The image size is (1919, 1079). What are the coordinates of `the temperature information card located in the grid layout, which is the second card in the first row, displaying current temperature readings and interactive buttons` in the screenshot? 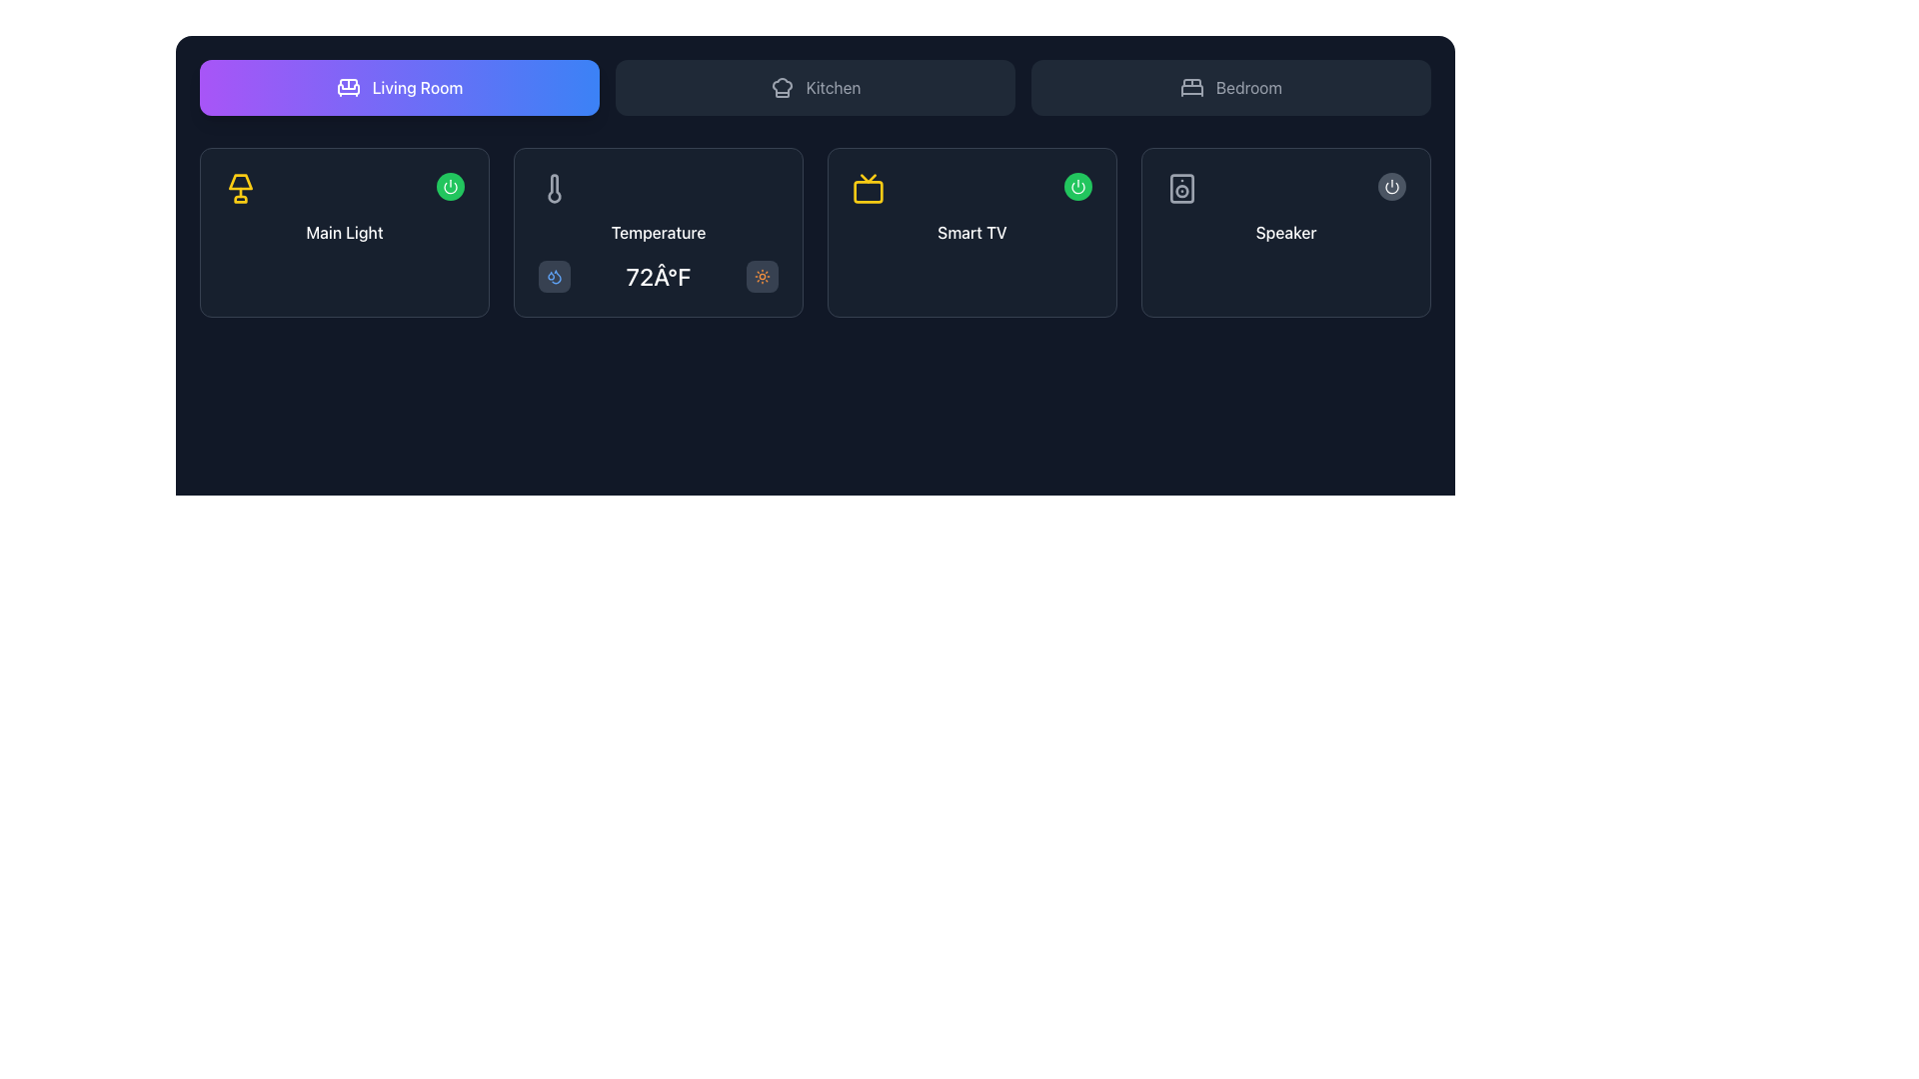 It's located at (658, 231).